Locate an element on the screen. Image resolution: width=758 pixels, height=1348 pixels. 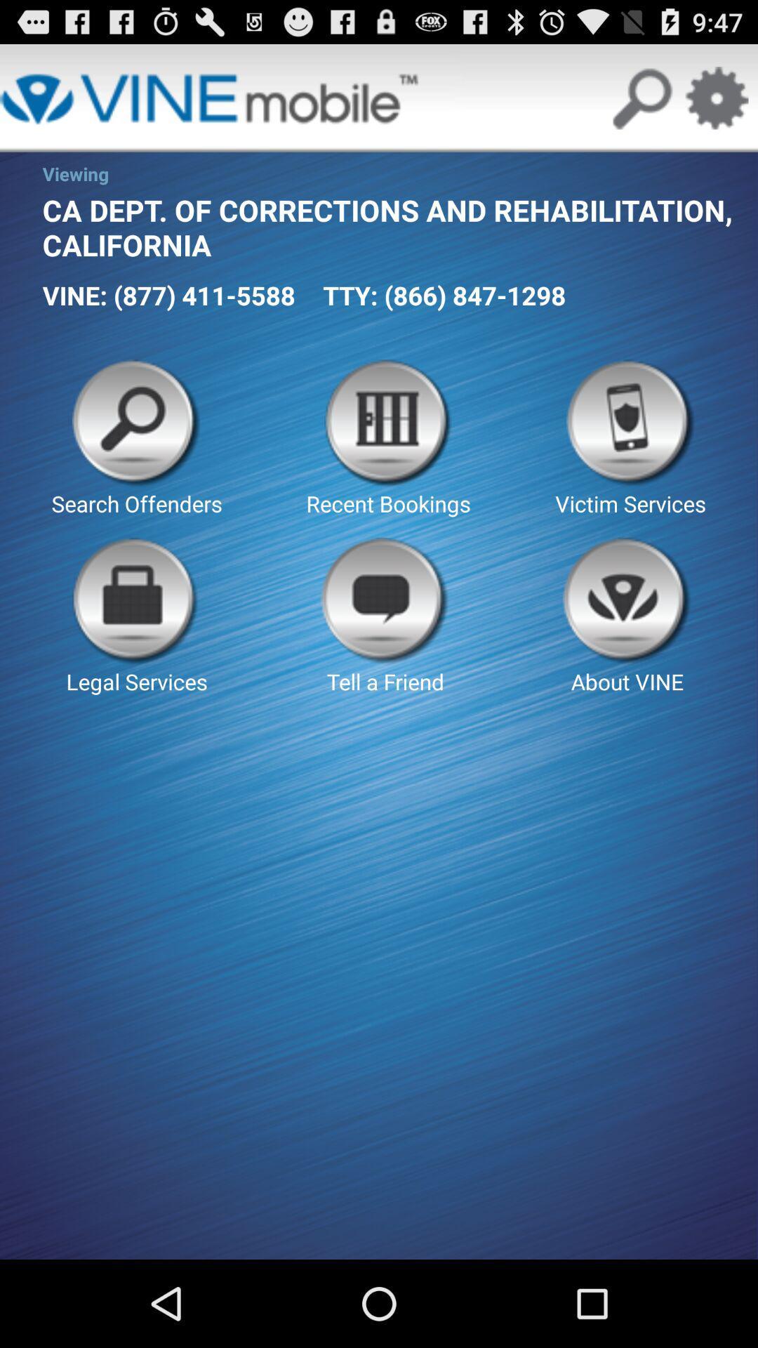
recent bookings button is located at coordinates (388, 438).